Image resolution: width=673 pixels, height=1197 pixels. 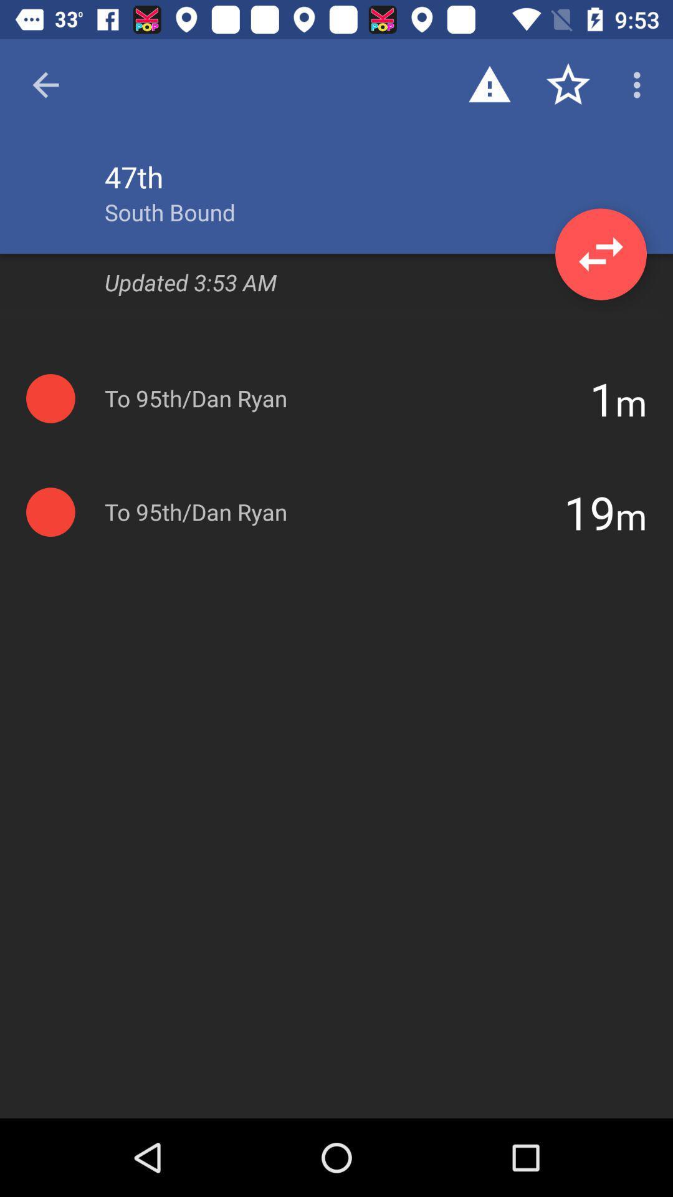 I want to click on 1, so click(x=602, y=398).